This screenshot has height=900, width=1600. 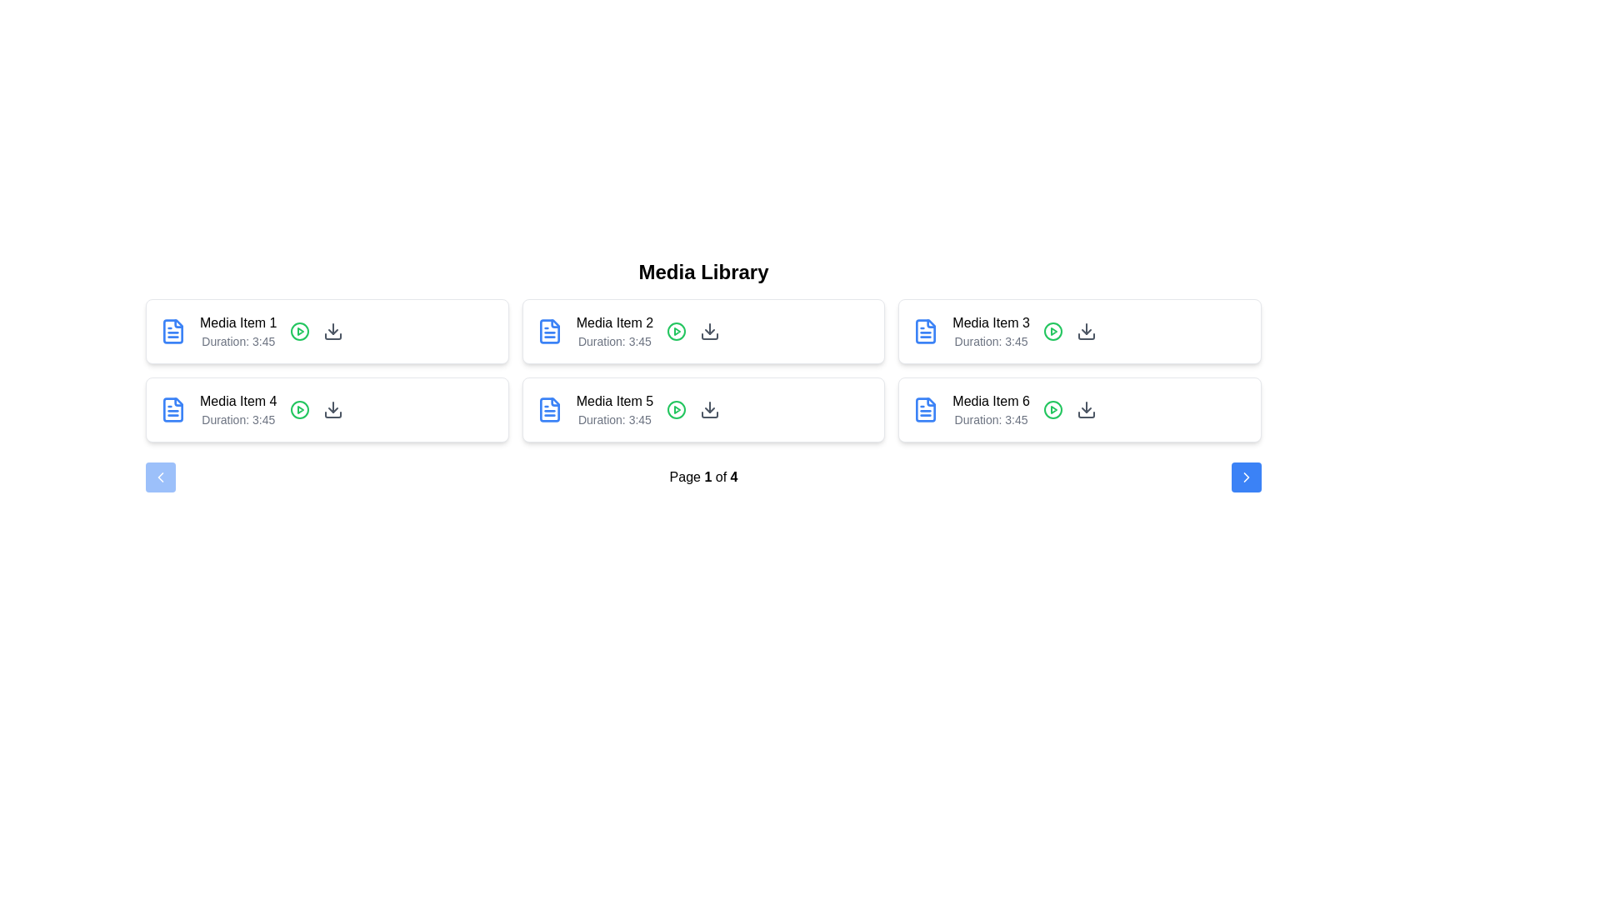 What do you see at coordinates (237, 410) in the screenshot?
I see `text from the informational label displaying the title and duration of the media item located in the second row, first column of the media library grid` at bounding box center [237, 410].